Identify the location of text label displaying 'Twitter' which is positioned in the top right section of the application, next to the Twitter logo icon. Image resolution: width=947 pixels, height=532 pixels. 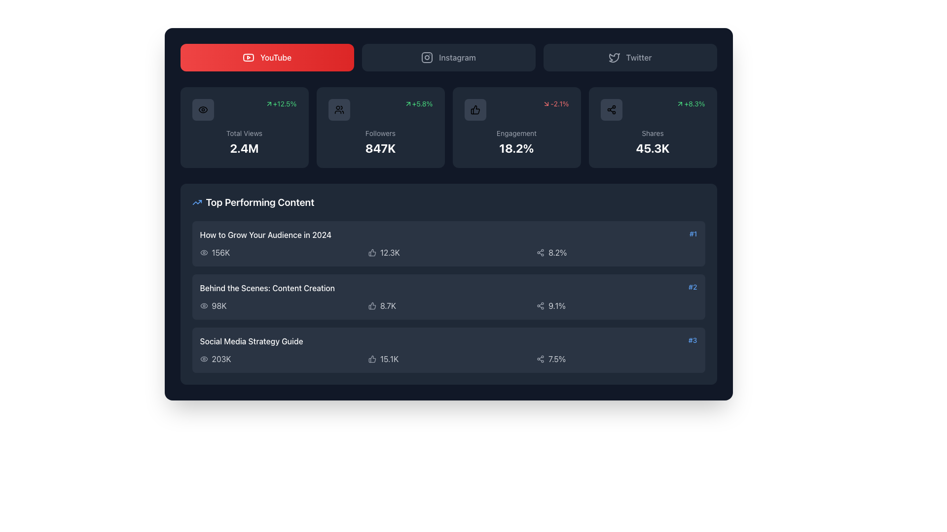
(639, 57).